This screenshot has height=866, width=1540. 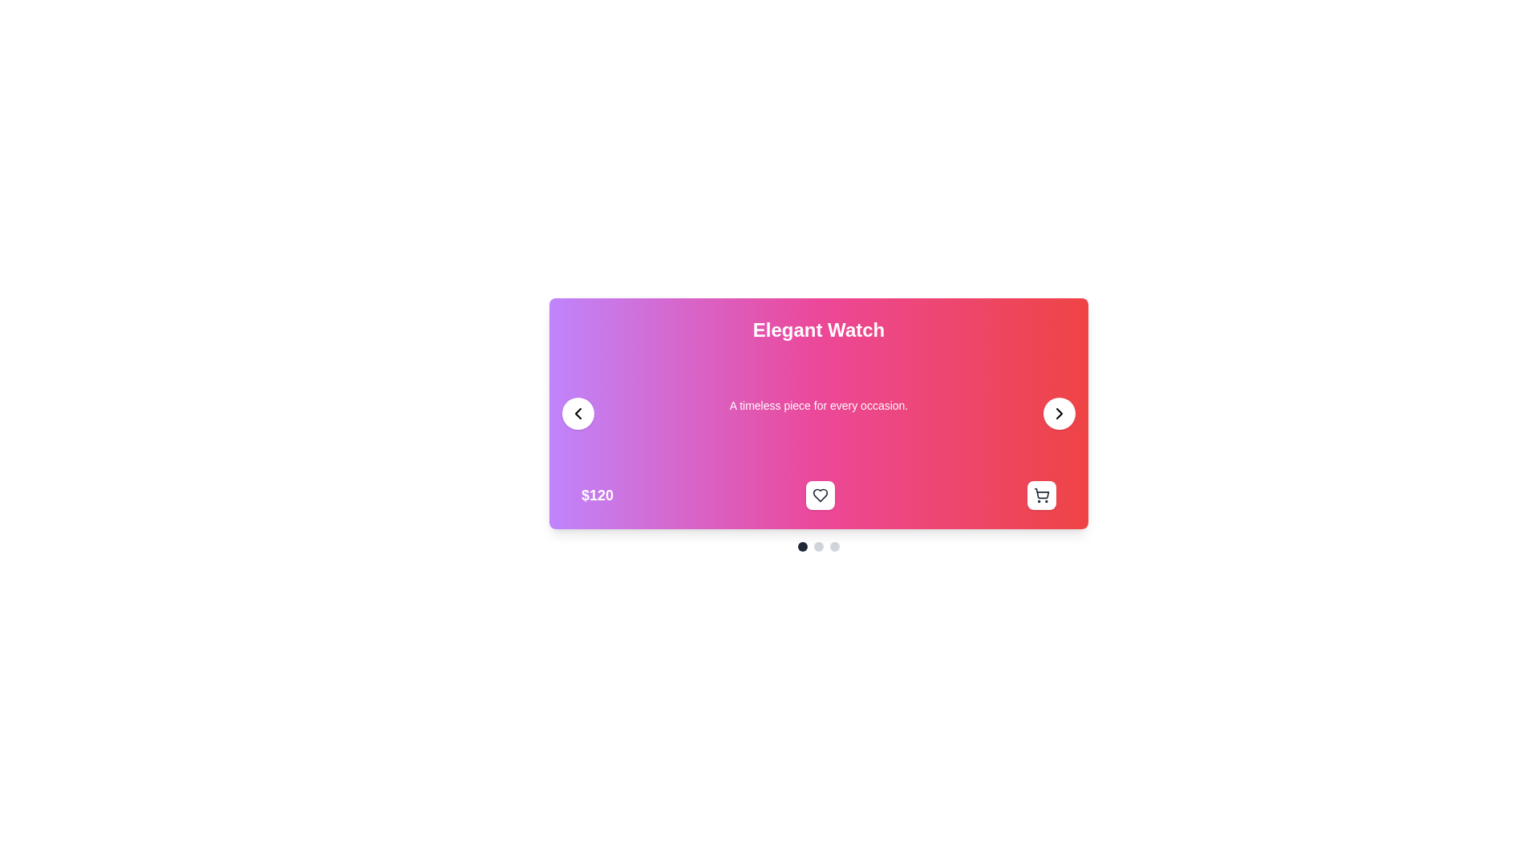 I want to click on the square button with a white background and a heart icon to mark an item as a favorite, so click(x=820, y=494).